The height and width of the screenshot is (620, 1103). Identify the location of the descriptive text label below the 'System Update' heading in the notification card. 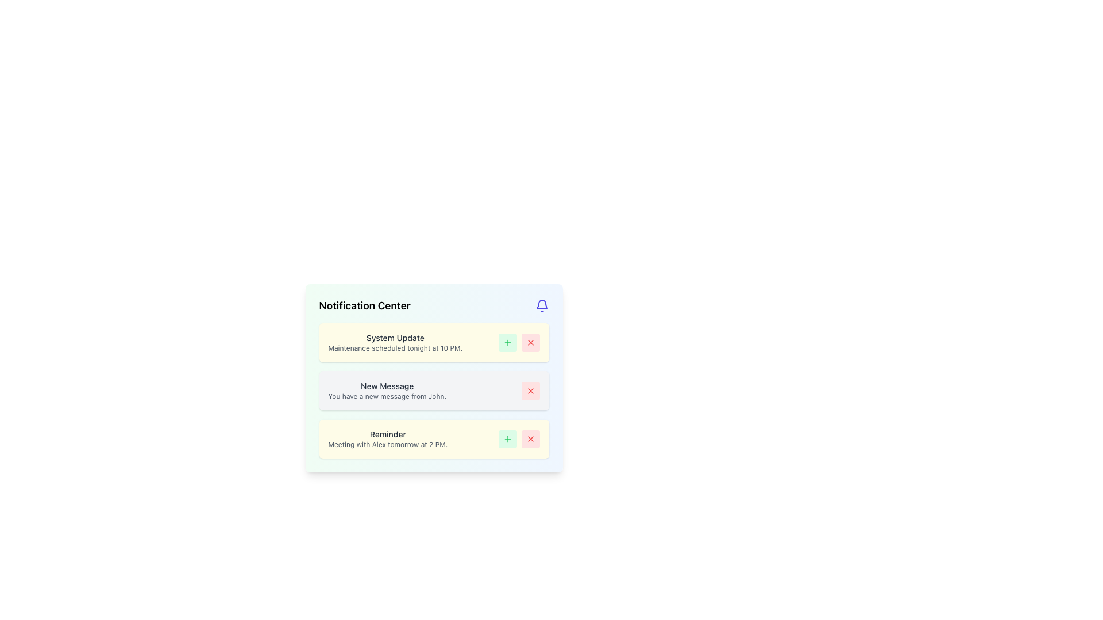
(395, 347).